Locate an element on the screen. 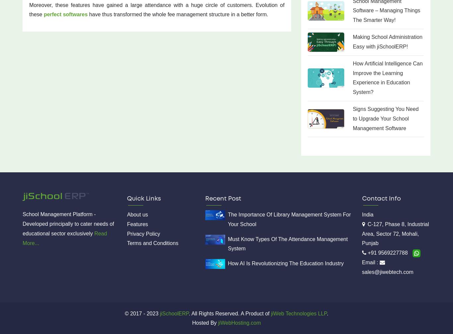  'sales@jiwebtech.com' is located at coordinates (387, 271).